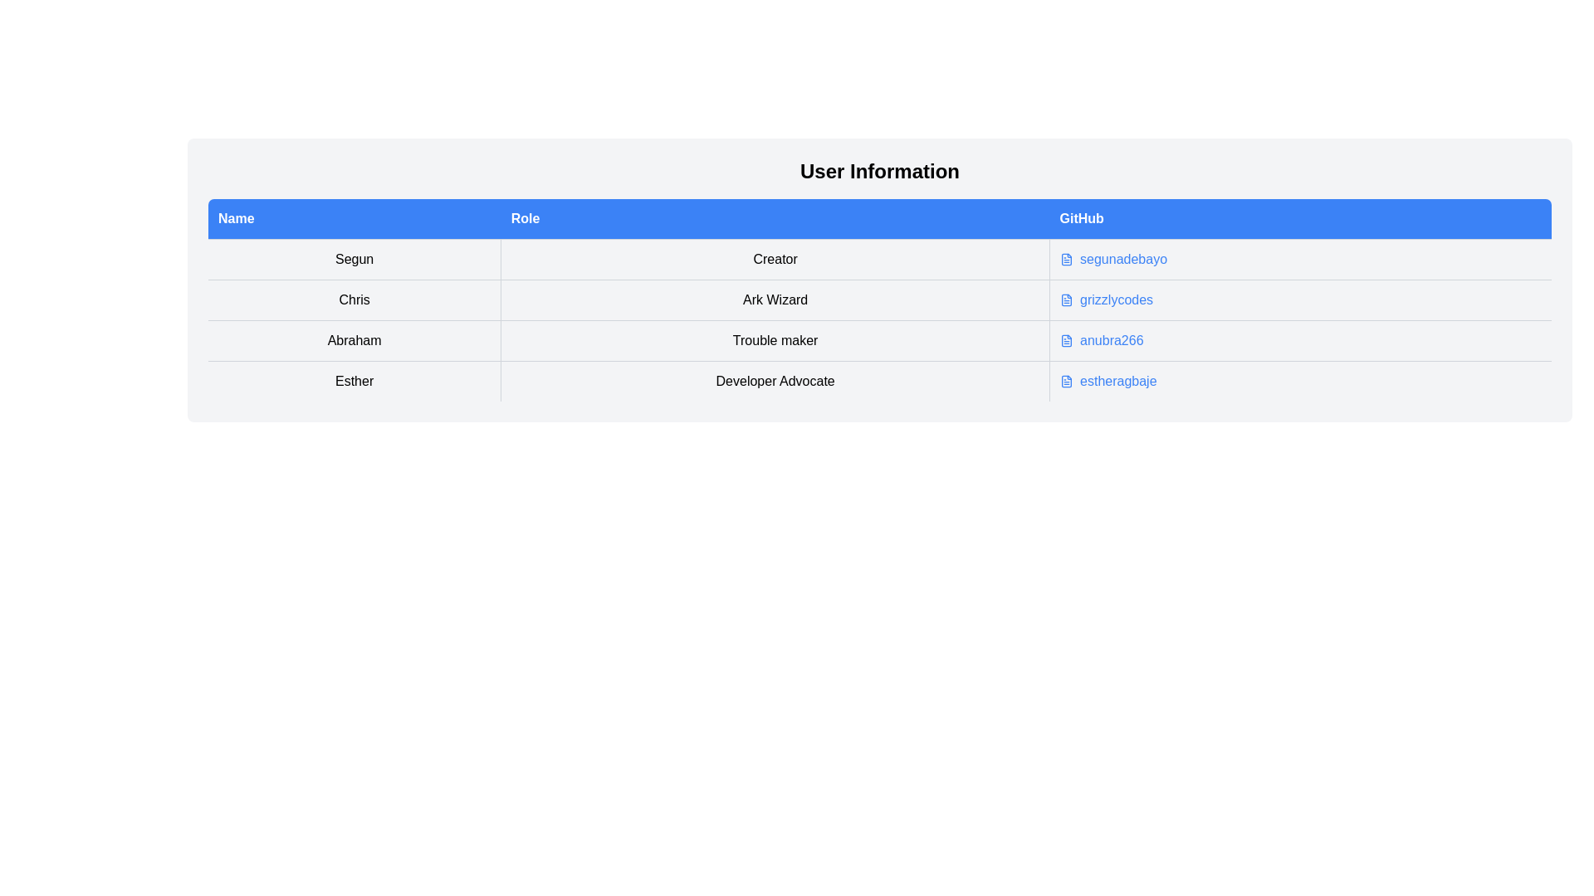  Describe the element at coordinates (879, 381) in the screenshot. I see `the fourth row of the data table that provides information about 'Esther', a Developer Advocate` at that location.